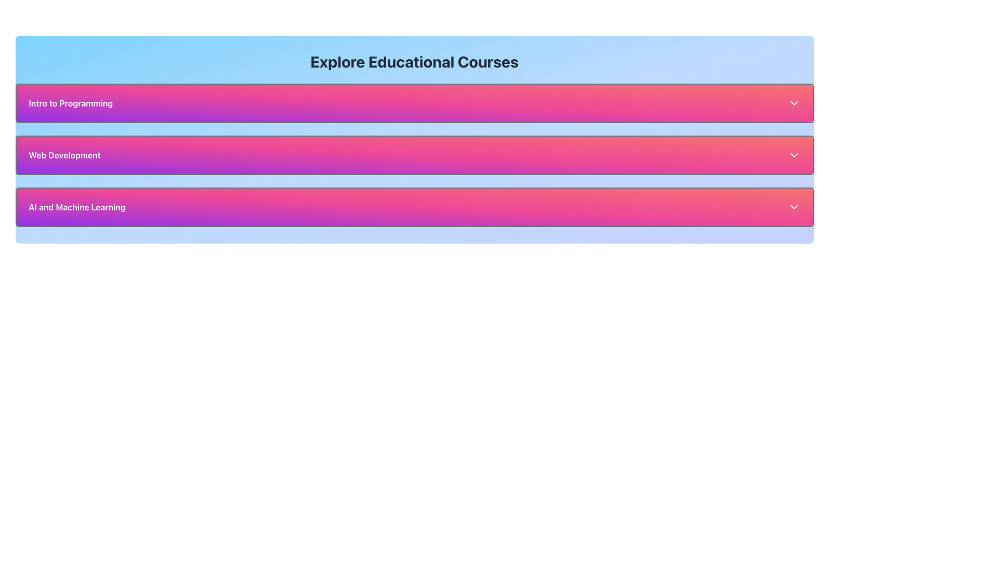  What do you see at coordinates (76, 207) in the screenshot?
I see `the text label 'AI and Machine Learning' which is displayed in bold white font on a gradient background, located in the bottom-most rectangular block of the third row in a list of educational topics` at bounding box center [76, 207].